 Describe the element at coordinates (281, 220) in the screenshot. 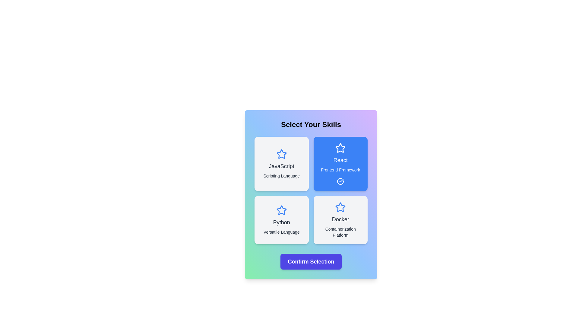

I see `the skill card labeled Python` at that location.